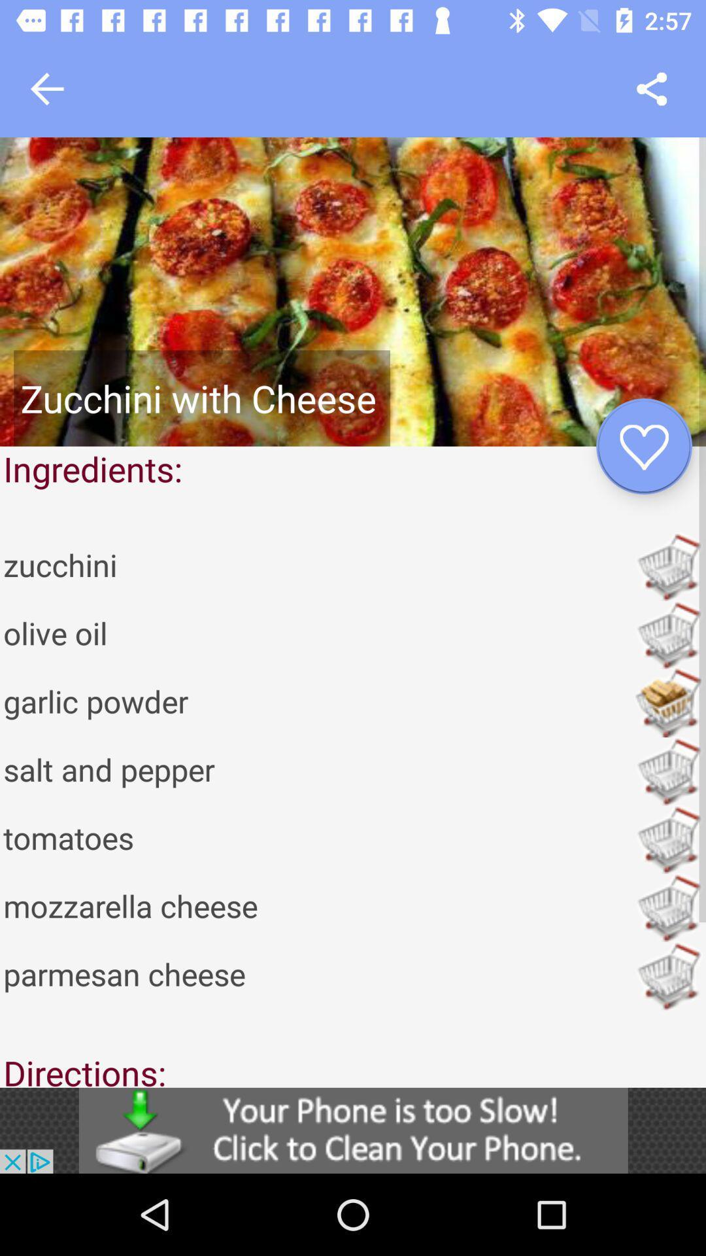 The height and width of the screenshot is (1256, 706). I want to click on advertisement about clean your phone, so click(353, 1130).